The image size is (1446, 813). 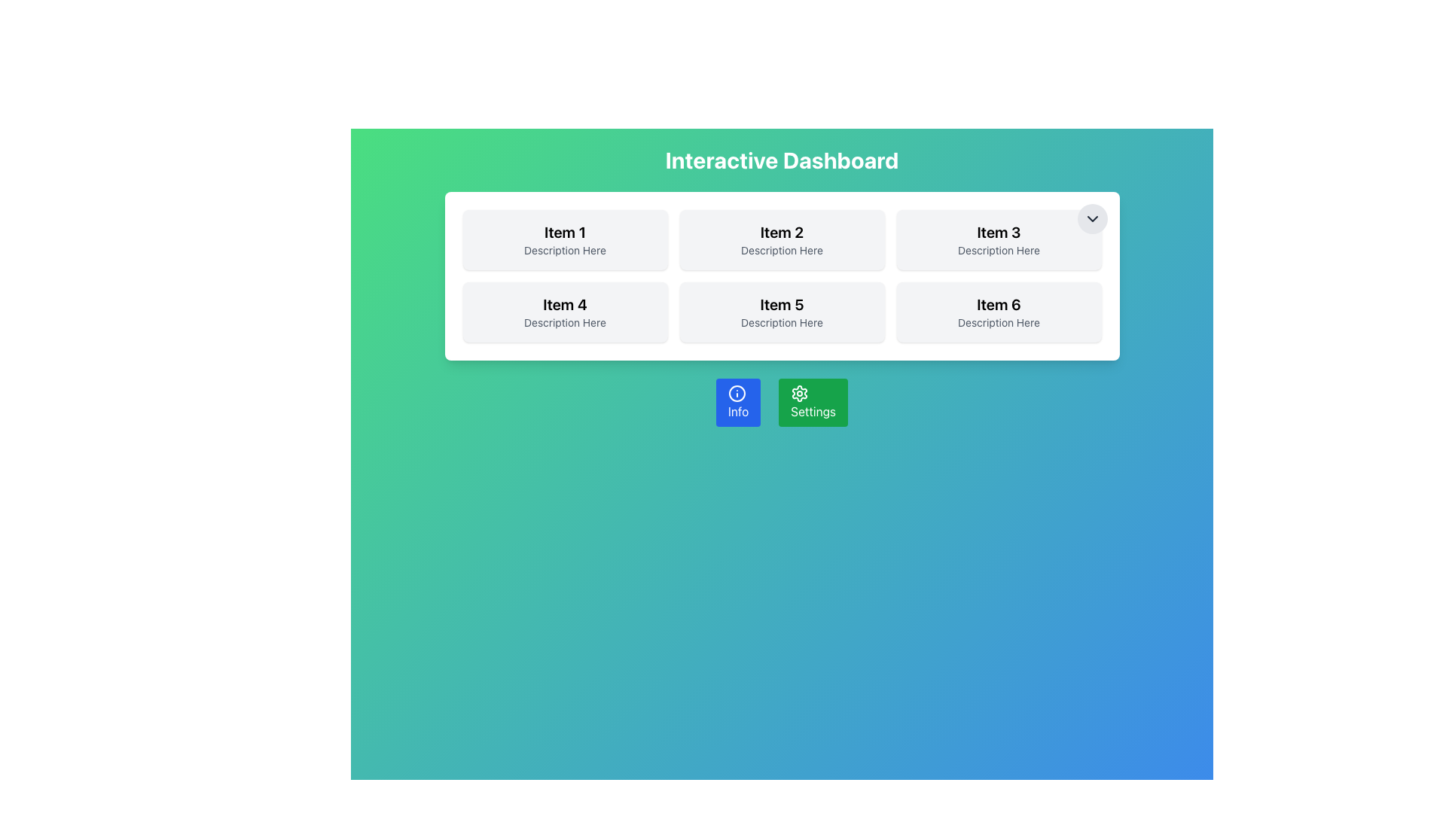 I want to click on the help button located to the left of the green 'Settings' button, so click(x=738, y=402).